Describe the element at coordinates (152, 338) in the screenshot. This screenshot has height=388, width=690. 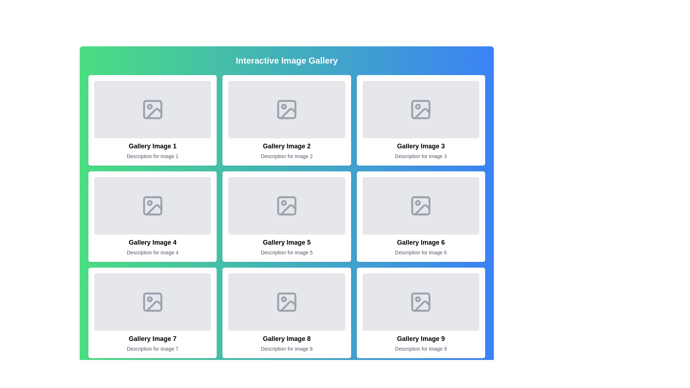
I see `text from the 'Gallery Image 7' label, which is a bold, large font title located in the first column of the third row in a 3x3 grid layout` at that location.